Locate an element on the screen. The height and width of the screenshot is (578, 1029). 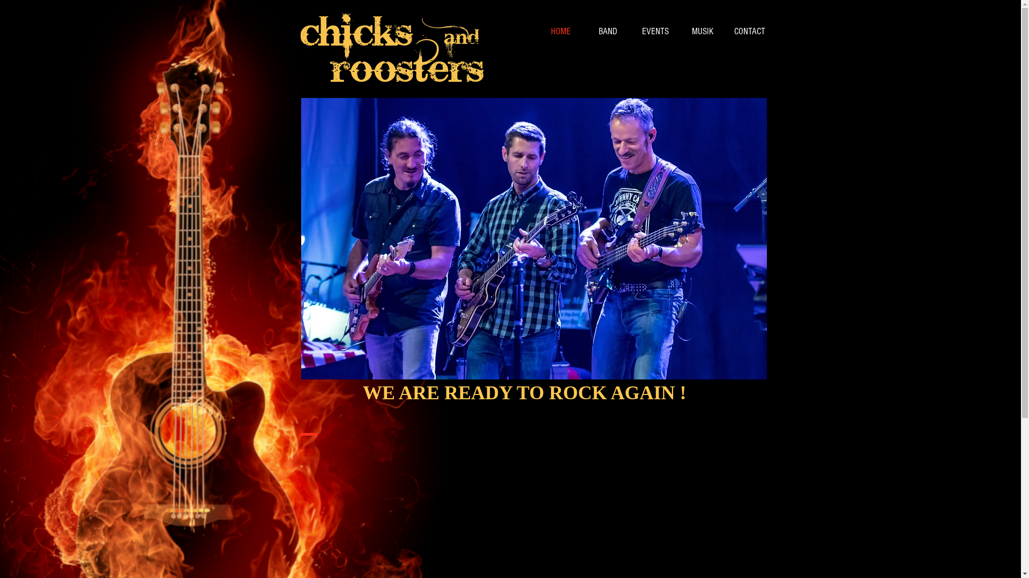
'HOME' is located at coordinates (560, 31).